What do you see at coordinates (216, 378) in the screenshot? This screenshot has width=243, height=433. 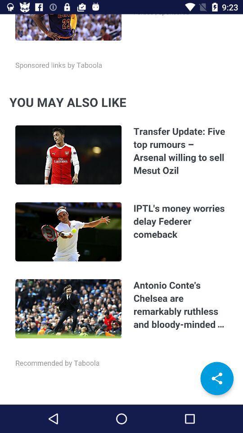 I see `the share icon` at bounding box center [216, 378].